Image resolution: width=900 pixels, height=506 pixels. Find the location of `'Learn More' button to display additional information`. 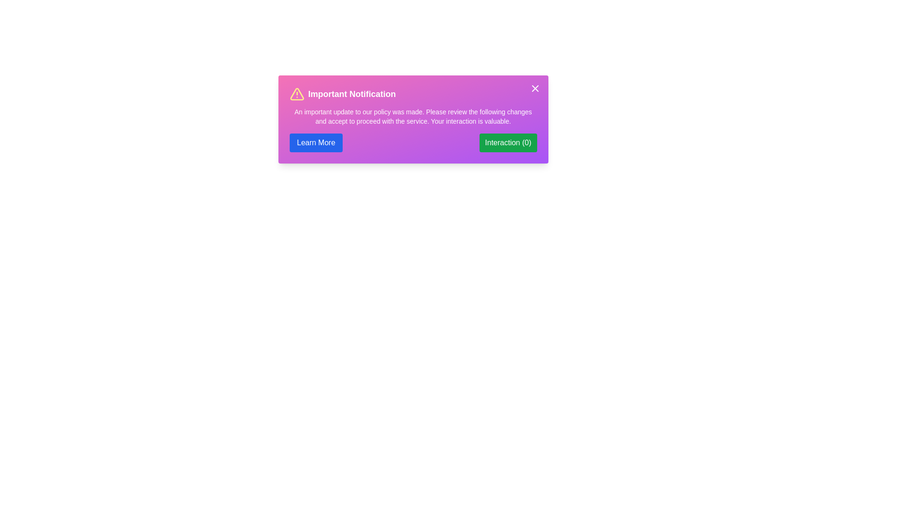

'Learn More' button to display additional information is located at coordinates (315, 142).